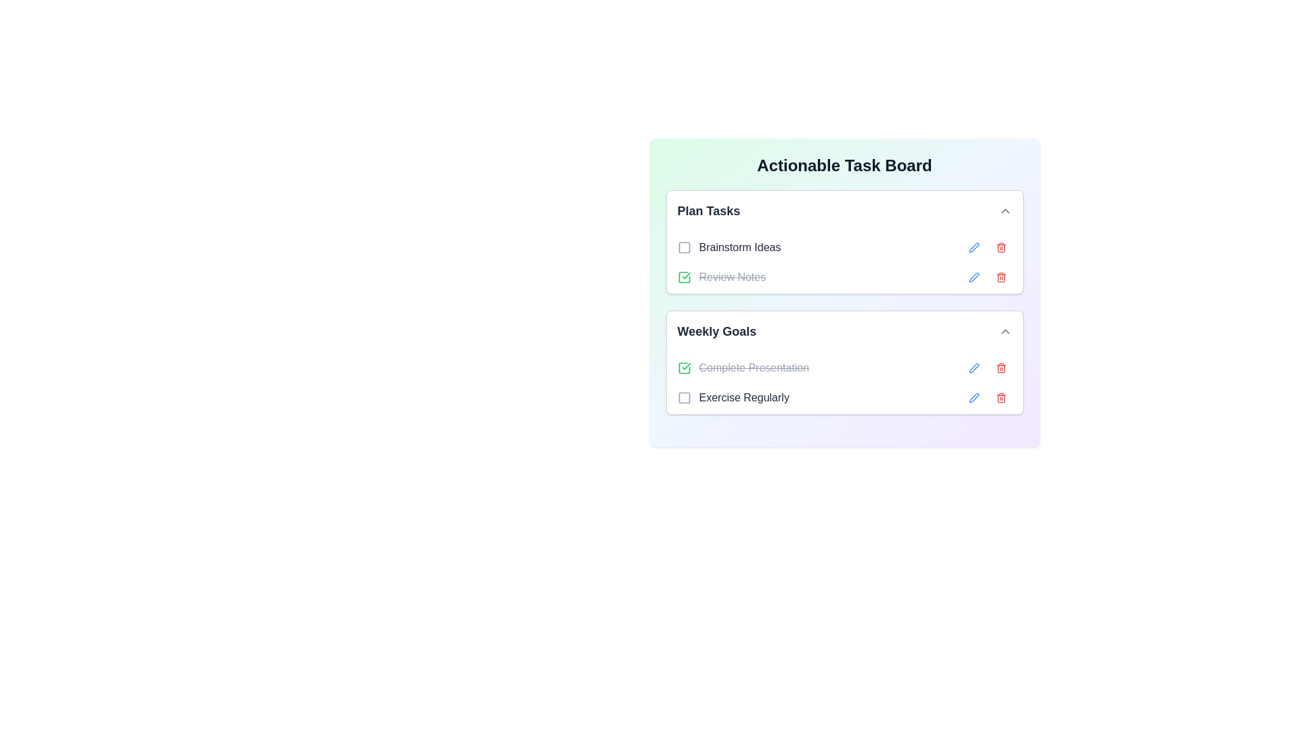 Image resolution: width=1300 pixels, height=731 pixels. Describe the element at coordinates (1005, 211) in the screenshot. I see `the icon located at the top-right corner of the 'Plan Tasks' section header` at that location.